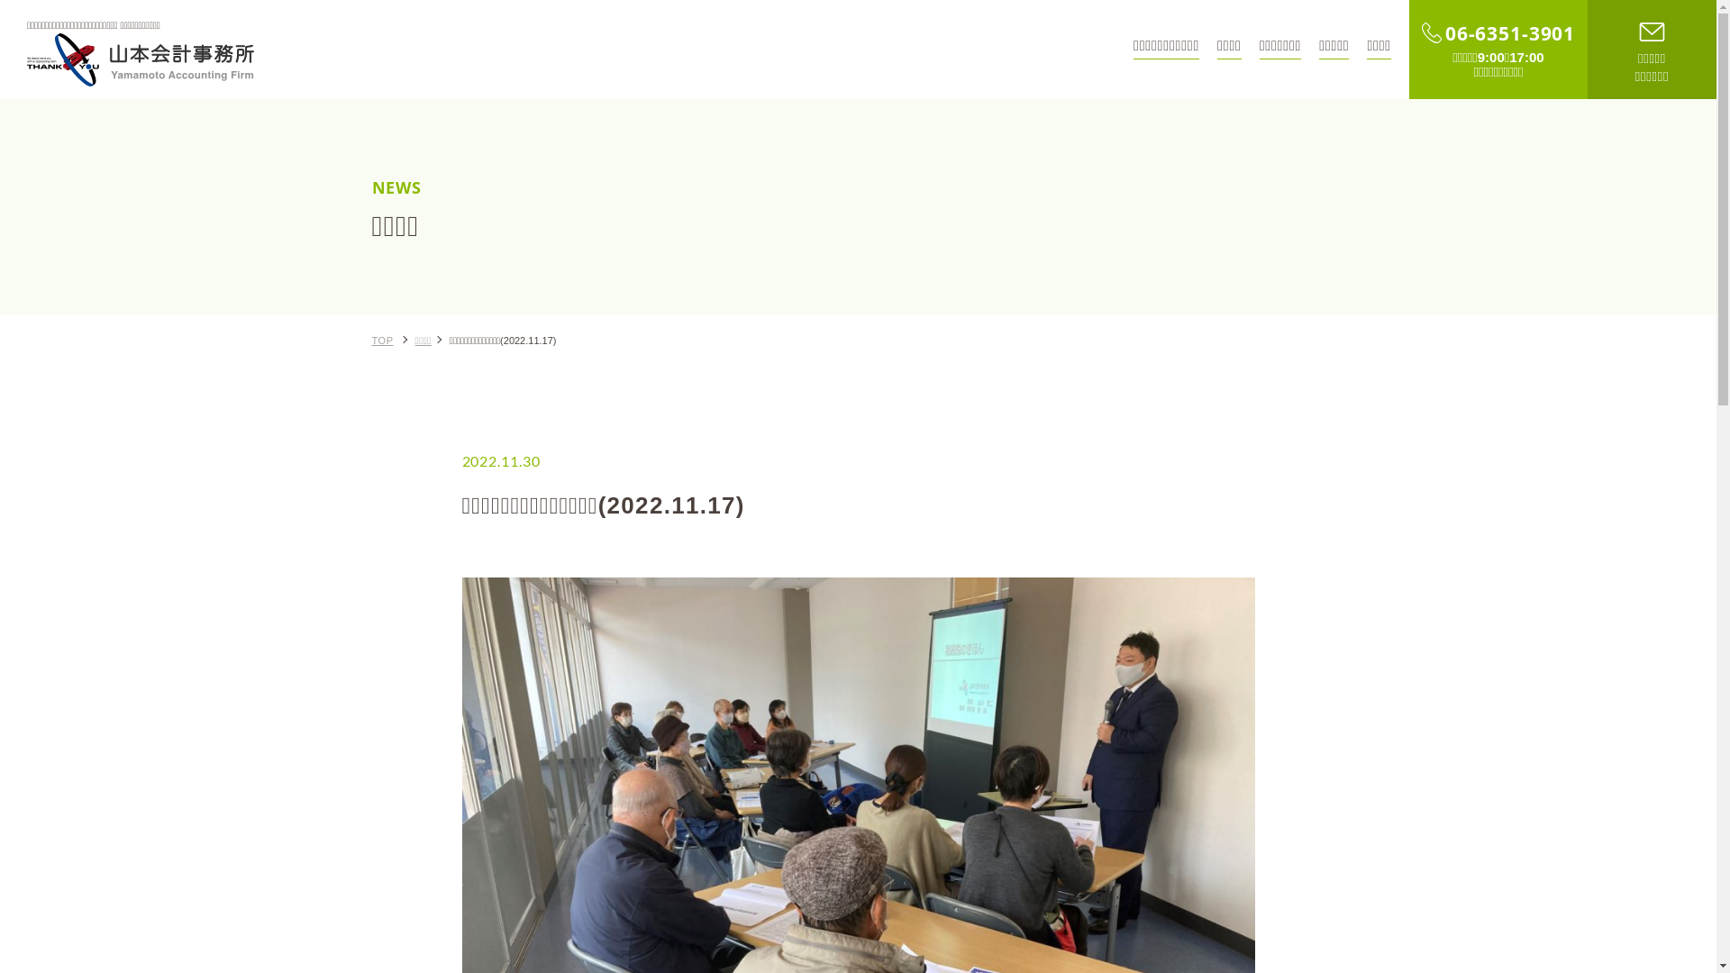  Describe the element at coordinates (380, 341) in the screenshot. I see `'TOP'` at that location.